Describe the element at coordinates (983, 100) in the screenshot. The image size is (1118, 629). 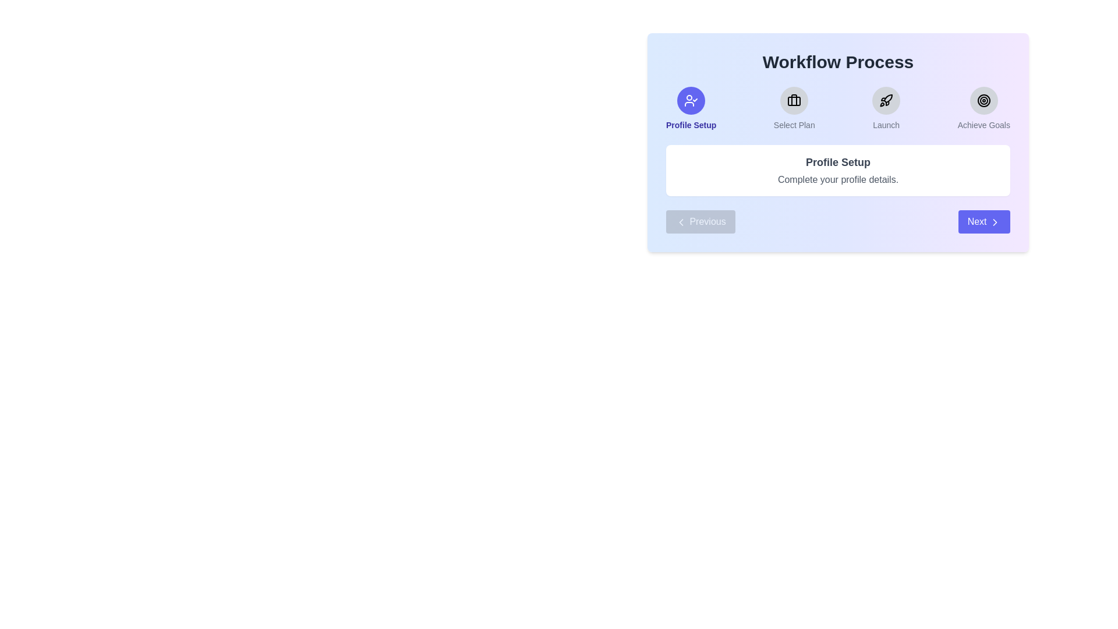
I see `the Achieve Goals step icon to view its details` at that location.